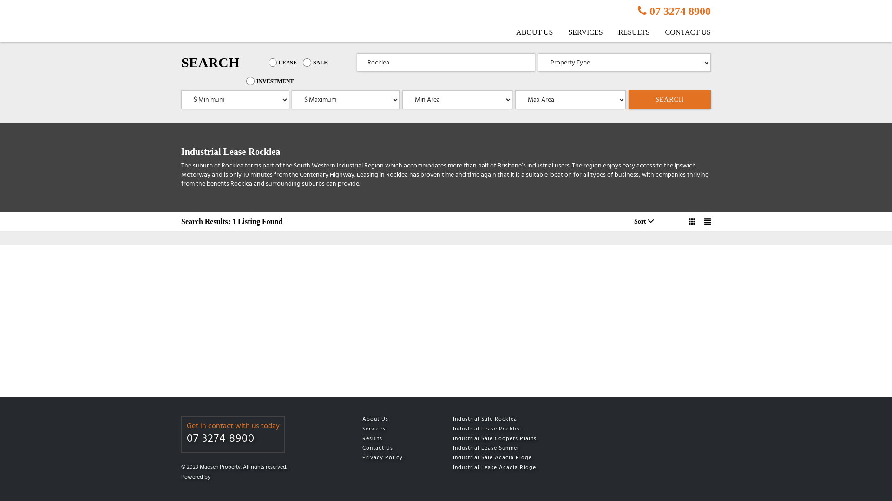 This screenshot has width=892, height=501. What do you see at coordinates (681, 32) in the screenshot?
I see `'CONTACT US'` at bounding box center [681, 32].